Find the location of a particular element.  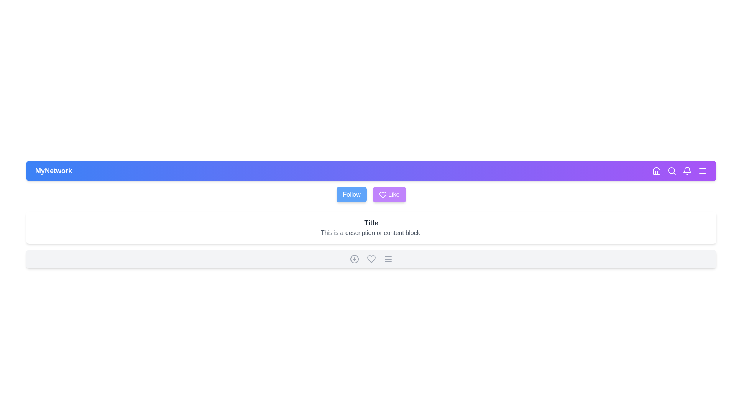

the house icon located in the top-right corner of the horizontal purple gradient navigation bar is located at coordinates (656, 171).